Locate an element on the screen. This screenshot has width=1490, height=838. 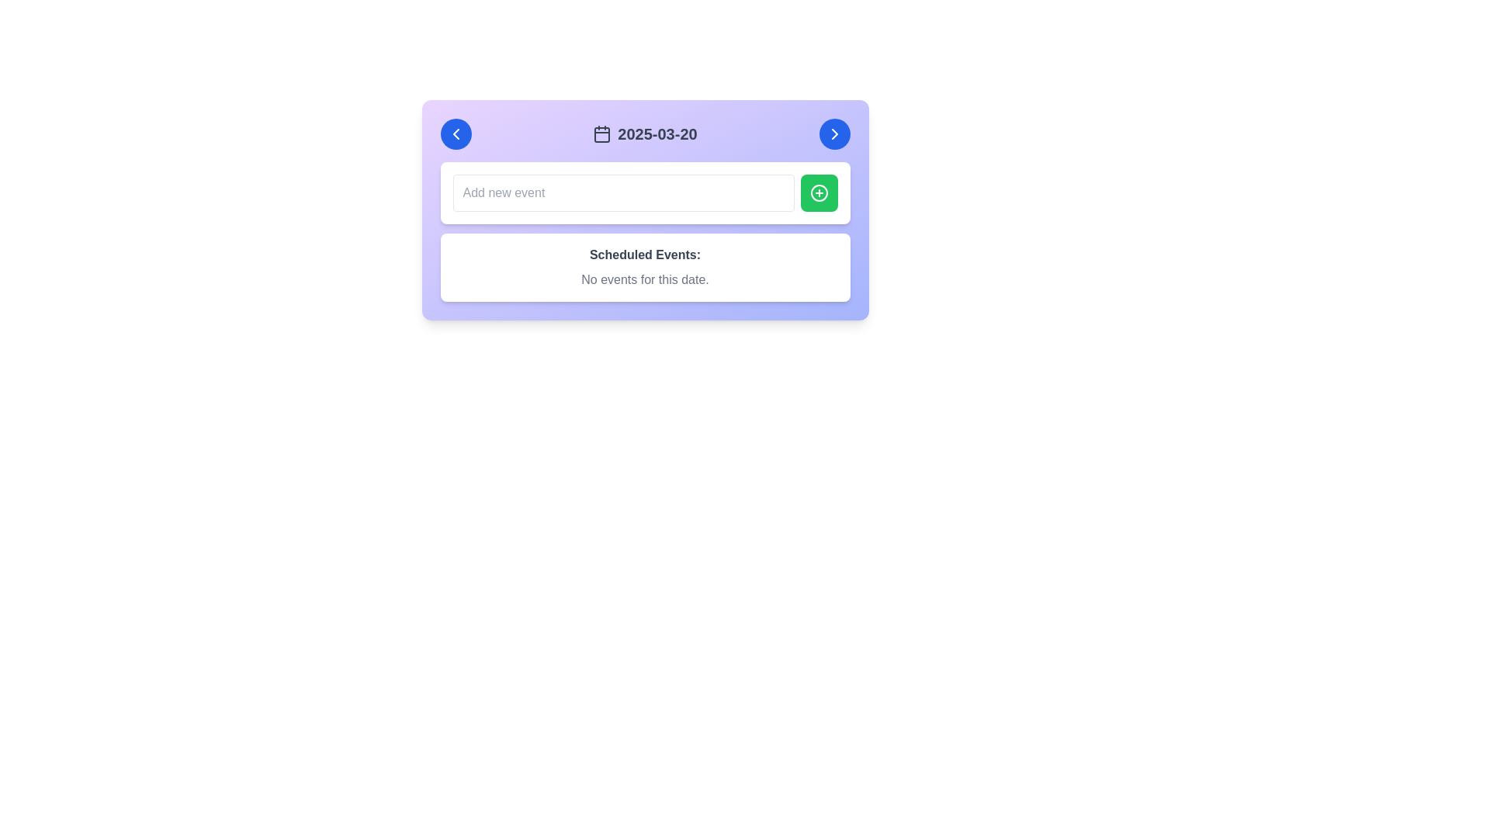
the circular 'Plus' button with a green background and white cross icon, located to the right of the 'Add new event' input field, using keyboard navigation is located at coordinates (818, 192).